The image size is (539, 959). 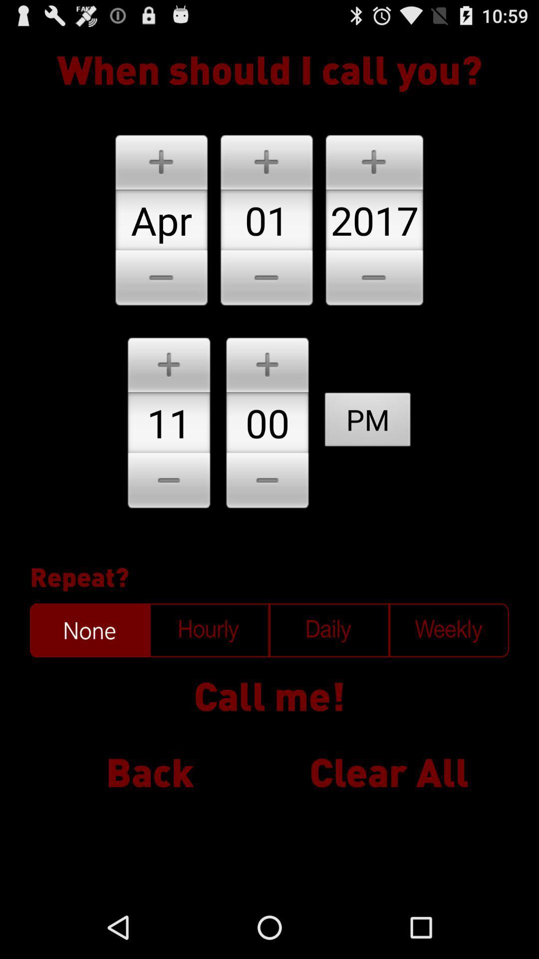 What do you see at coordinates (329, 630) in the screenshot?
I see `to call daily` at bounding box center [329, 630].